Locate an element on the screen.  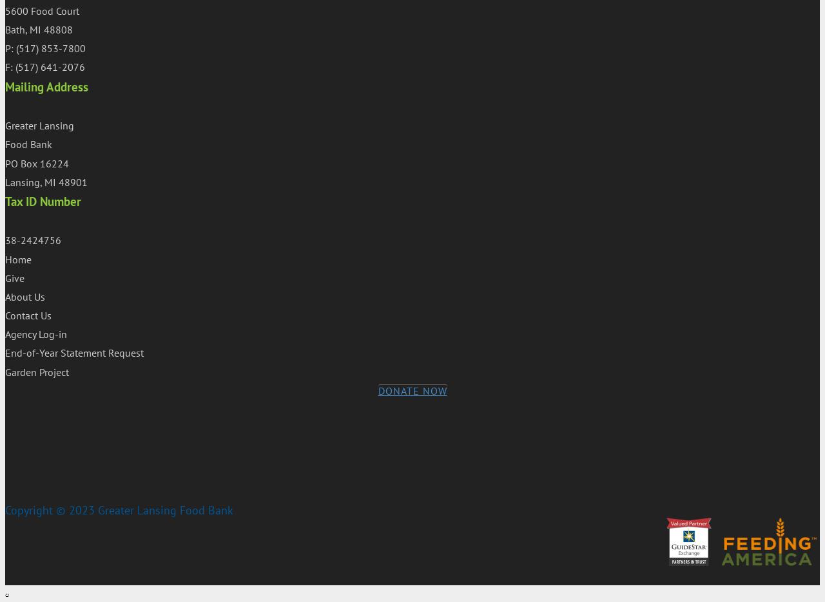
'Home' is located at coordinates (18, 258).